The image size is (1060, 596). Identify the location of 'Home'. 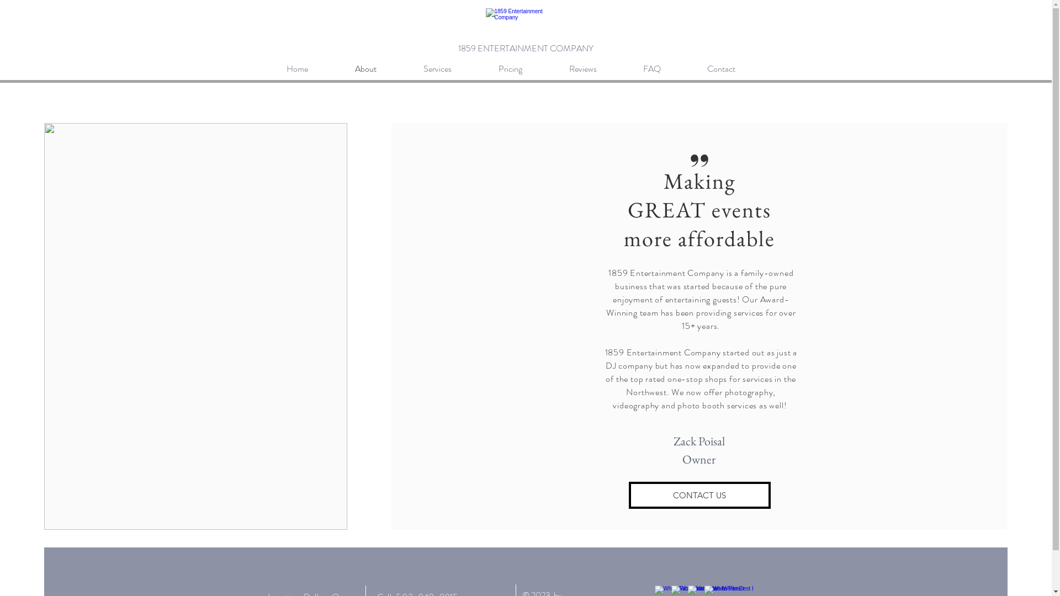
(312, 68).